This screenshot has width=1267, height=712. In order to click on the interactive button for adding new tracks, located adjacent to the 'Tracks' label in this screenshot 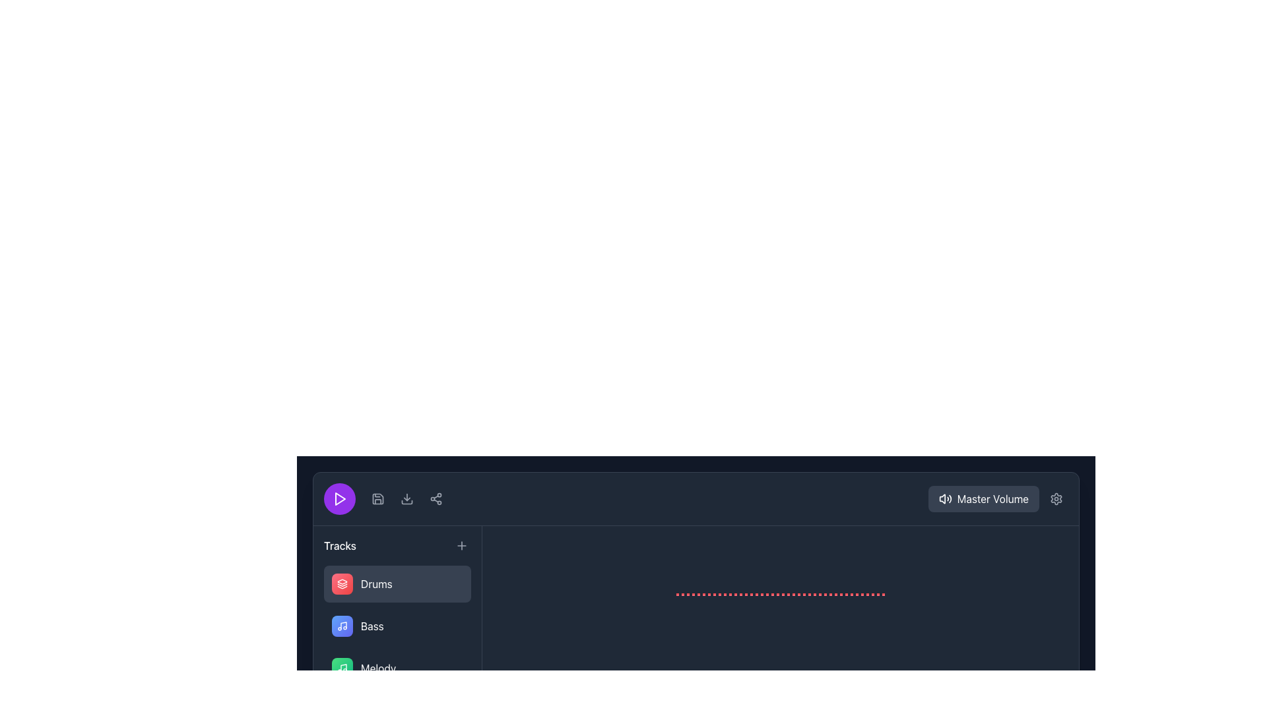, I will do `click(462, 546)`.